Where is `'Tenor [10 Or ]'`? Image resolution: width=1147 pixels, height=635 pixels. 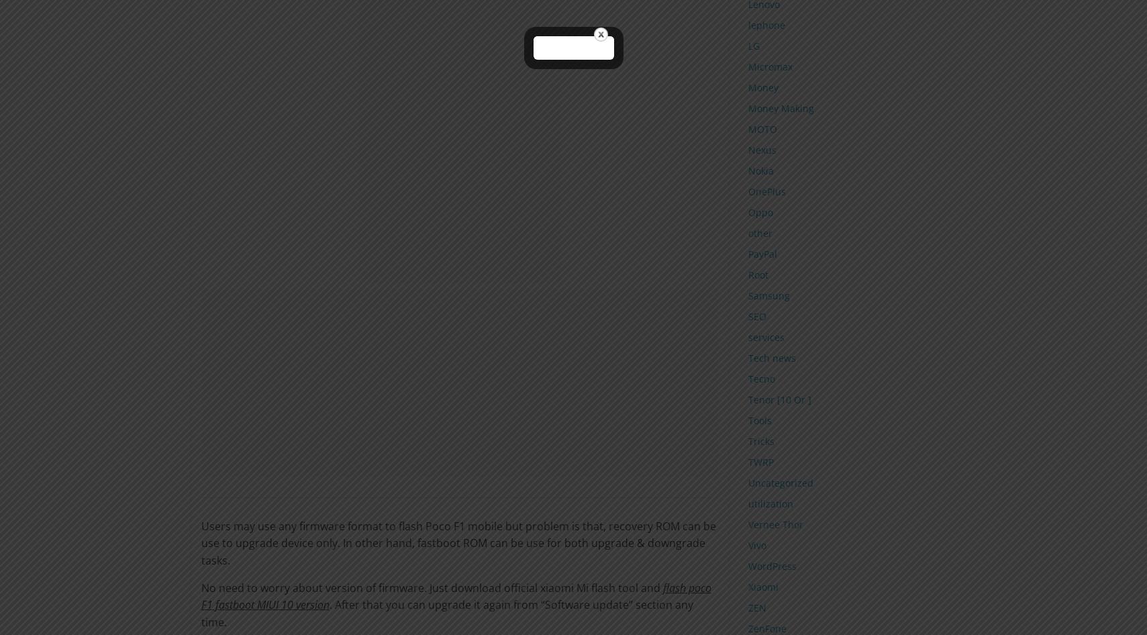 'Tenor [10 Or ]' is located at coordinates (779, 398).